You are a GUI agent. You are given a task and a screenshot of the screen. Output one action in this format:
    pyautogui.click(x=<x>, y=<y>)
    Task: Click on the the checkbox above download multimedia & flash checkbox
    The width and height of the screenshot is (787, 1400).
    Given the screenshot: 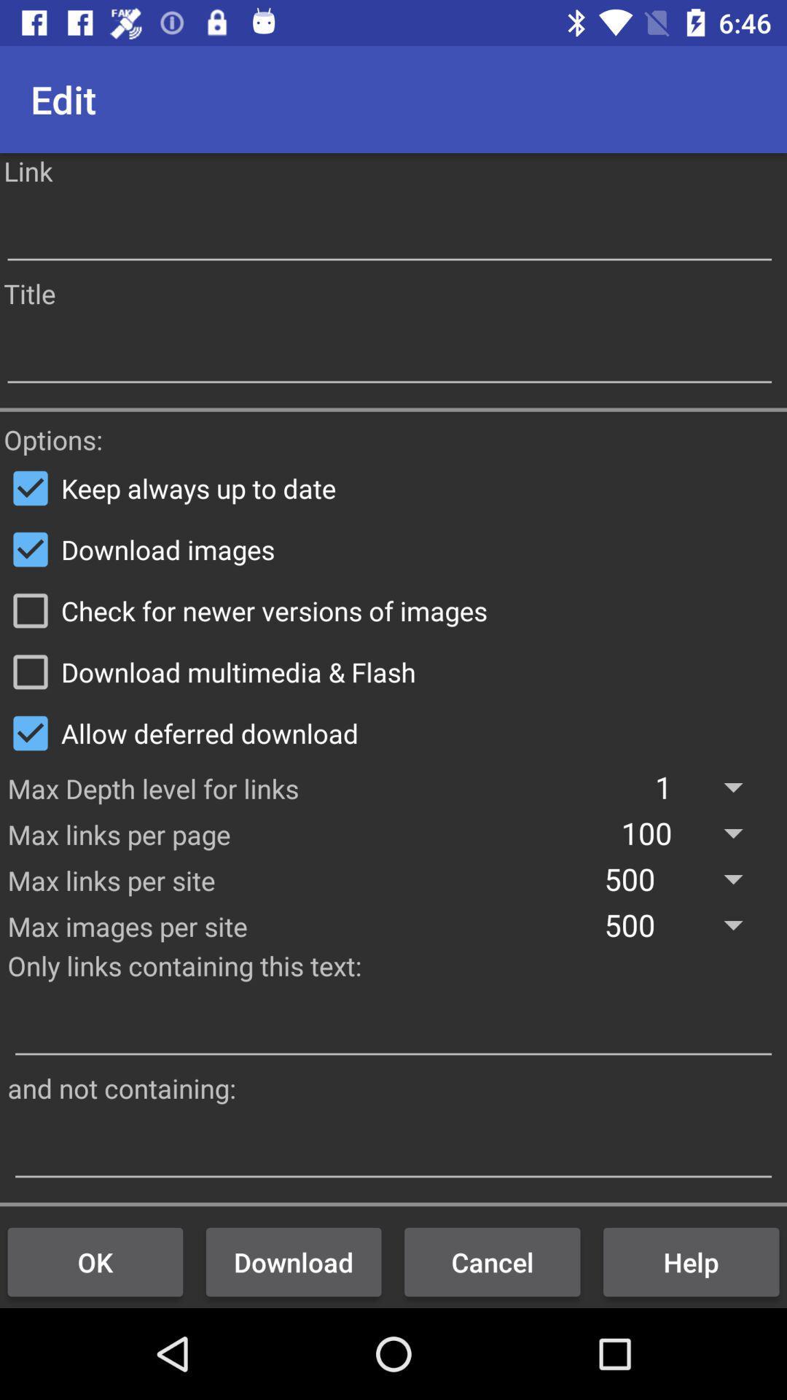 What is the action you would take?
    pyautogui.click(x=393, y=610)
    